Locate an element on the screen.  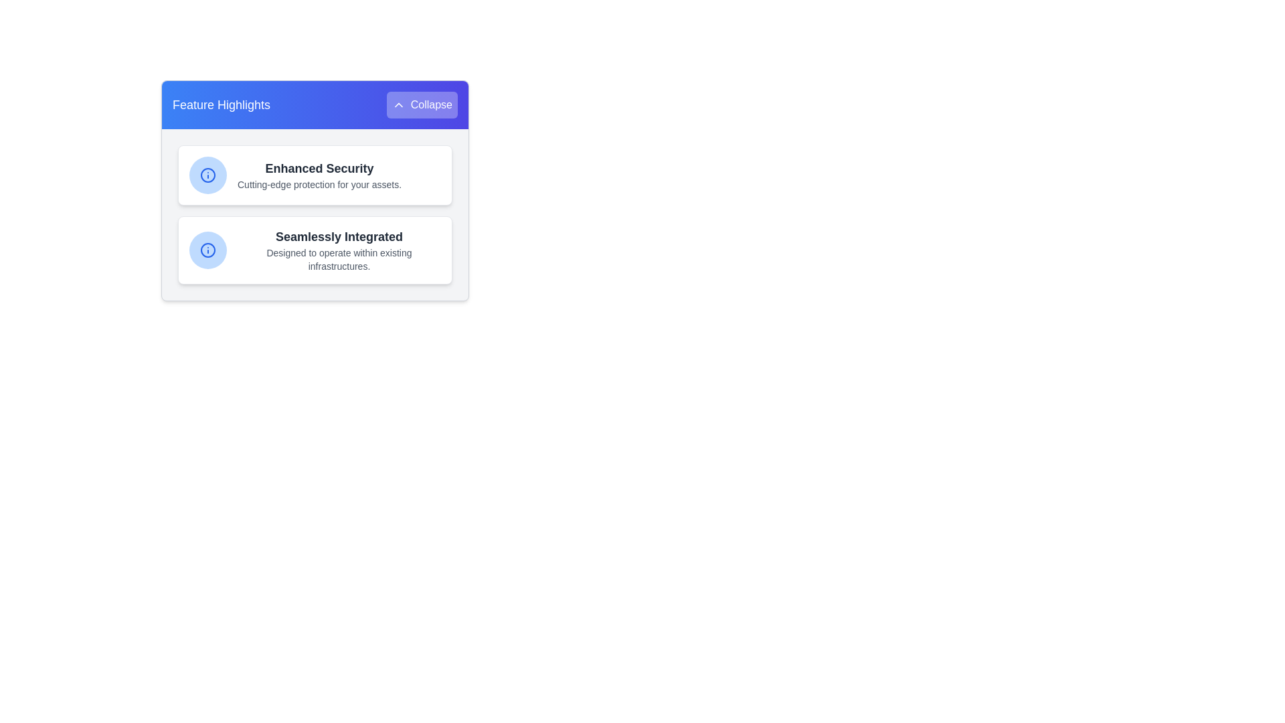
the circular icon with a blue outline and central 'i' symbol located in the second feature item of the list is located at coordinates (207, 175).